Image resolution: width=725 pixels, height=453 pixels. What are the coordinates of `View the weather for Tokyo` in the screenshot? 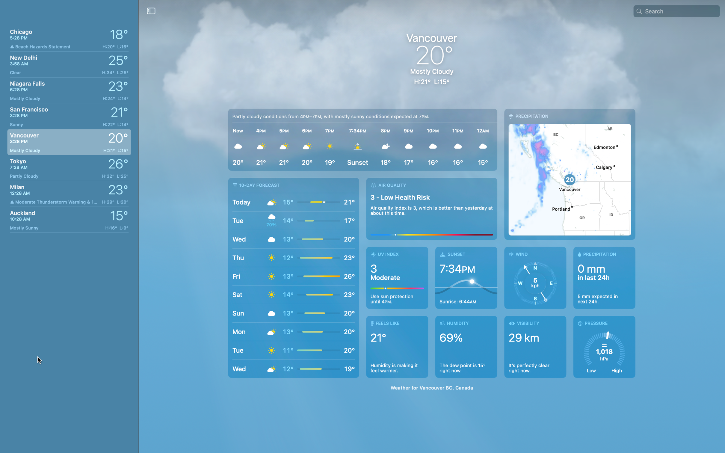 It's located at (67, 167).